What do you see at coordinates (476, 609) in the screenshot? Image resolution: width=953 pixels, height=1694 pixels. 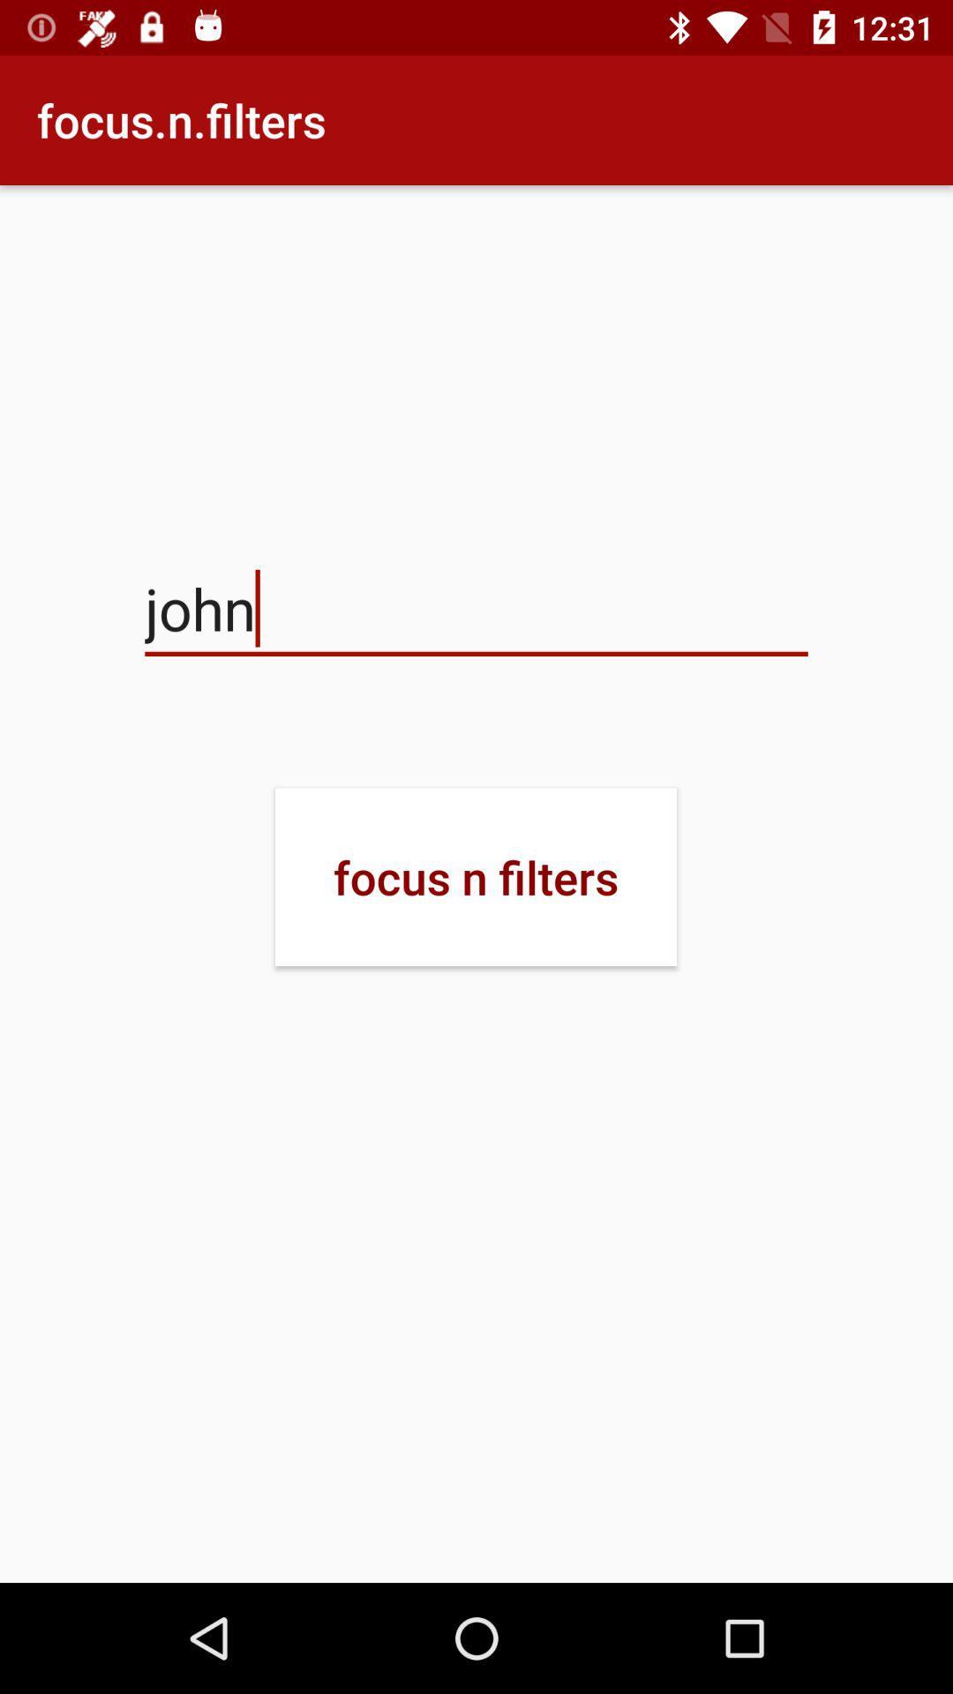 I see `icon above focus n filters` at bounding box center [476, 609].